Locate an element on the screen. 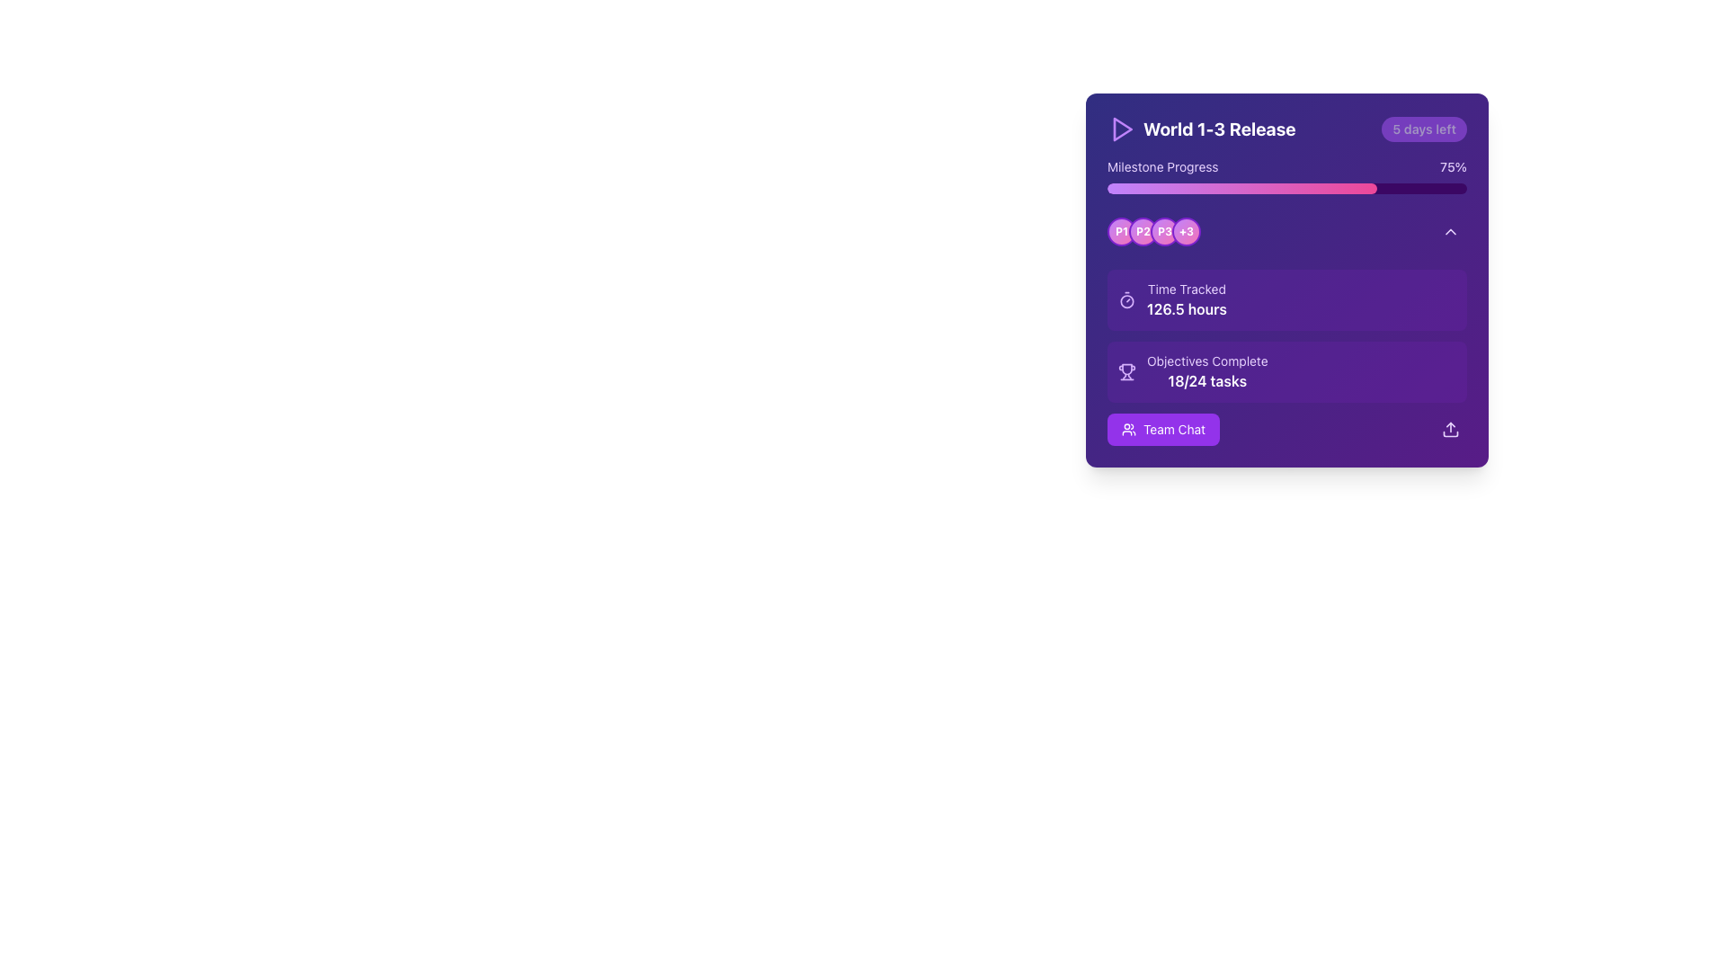  the play button located on the left side of the header area of the panel titled 'World 1-3 Release' is located at coordinates (1121, 128).